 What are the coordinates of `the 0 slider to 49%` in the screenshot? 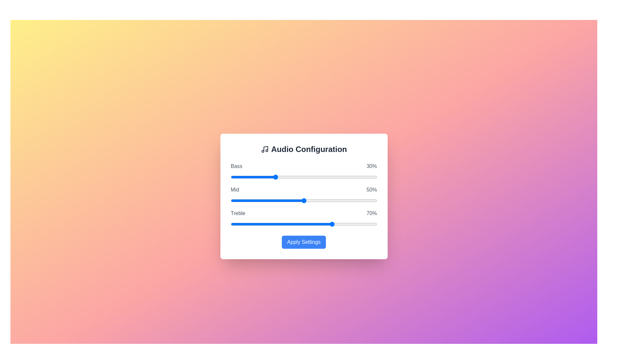 It's located at (340, 177).